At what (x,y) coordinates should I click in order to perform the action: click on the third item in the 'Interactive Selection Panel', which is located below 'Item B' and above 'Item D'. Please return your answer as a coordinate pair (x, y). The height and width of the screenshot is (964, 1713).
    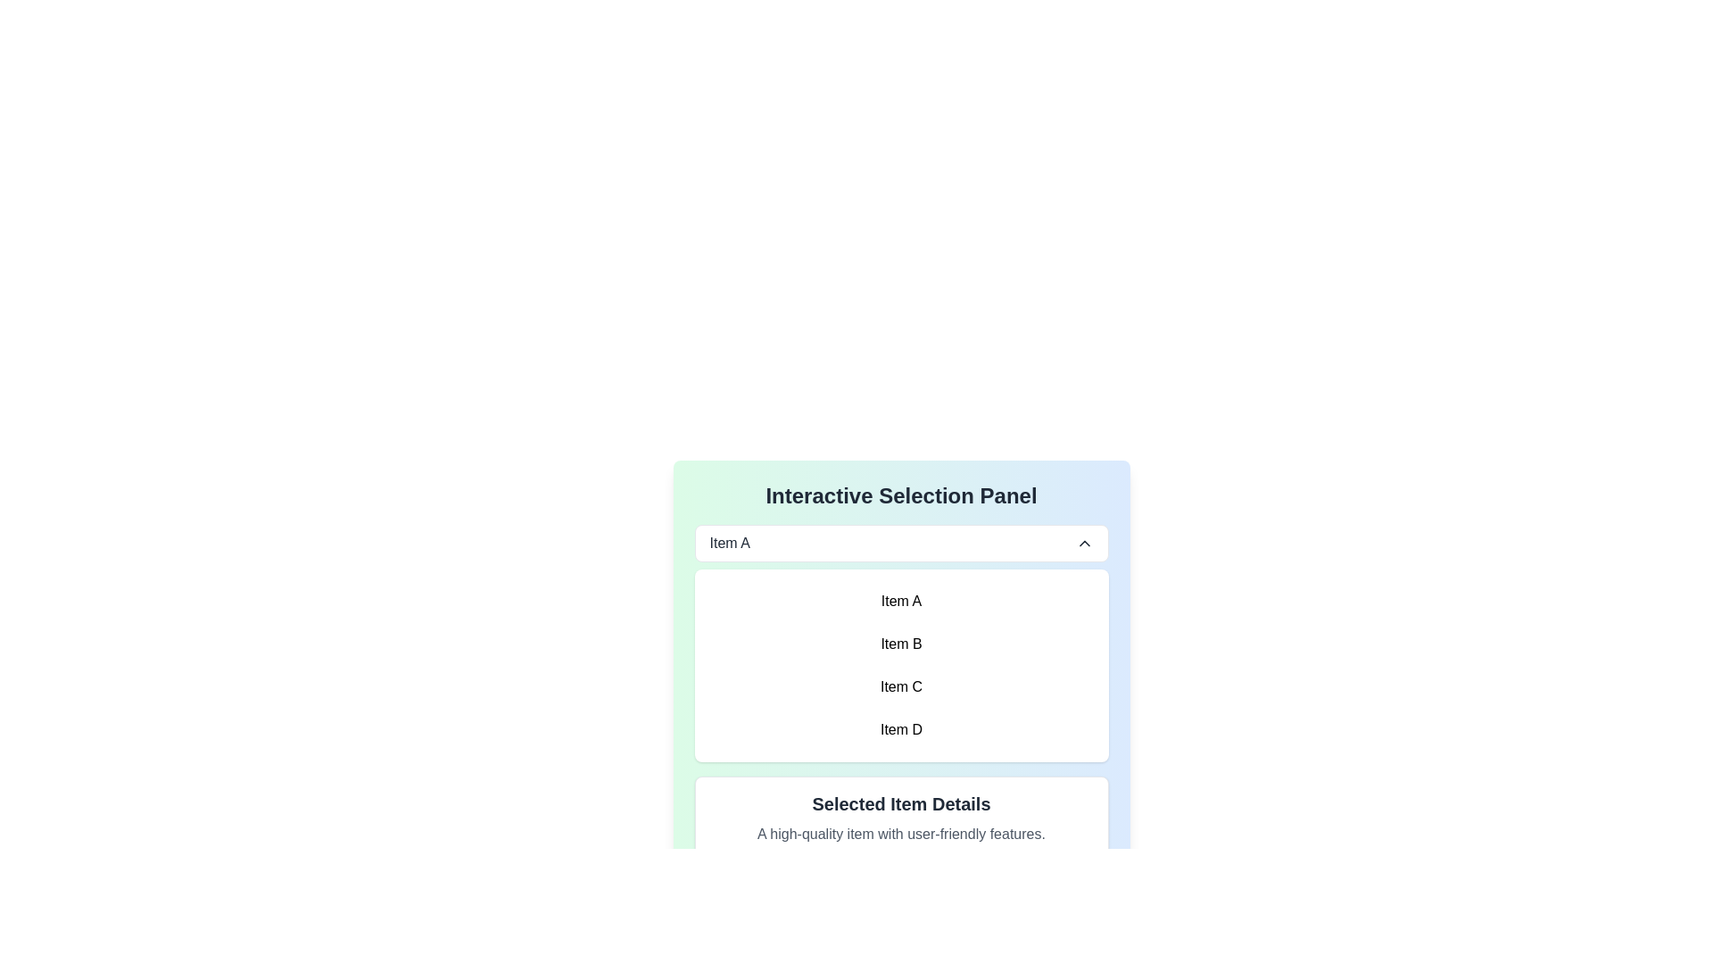
    Looking at the image, I should click on (901, 686).